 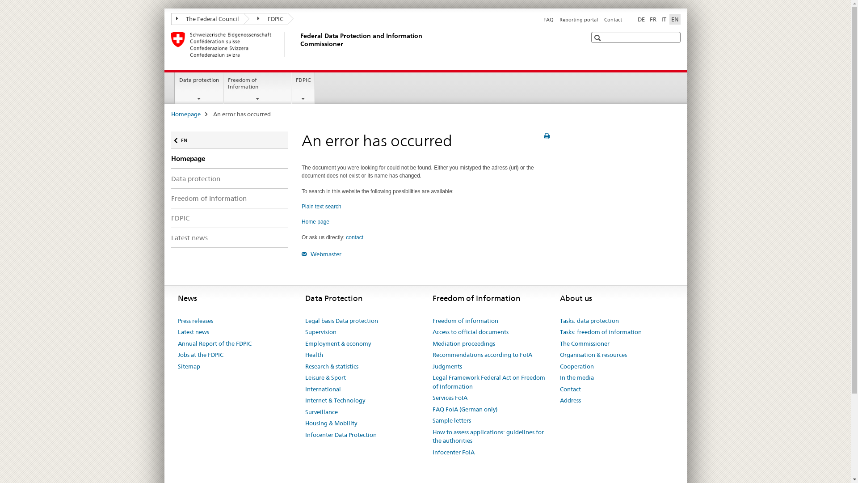 What do you see at coordinates (600, 332) in the screenshot?
I see `'Tasks: freedom of information'` at bounding box center [600, 332].